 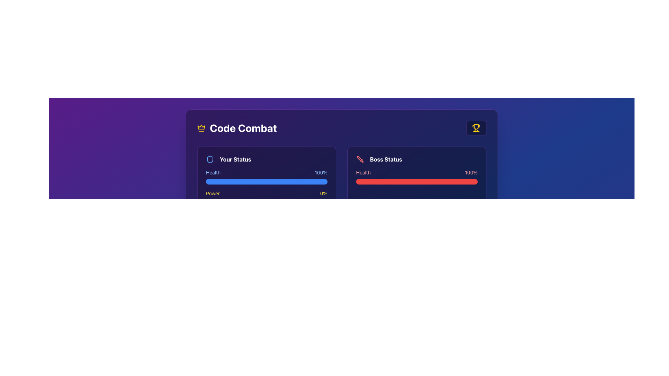 I want to click on the blue shield icon located next to the text 'Your Status' for visual identification, so click(x=210, y=159).